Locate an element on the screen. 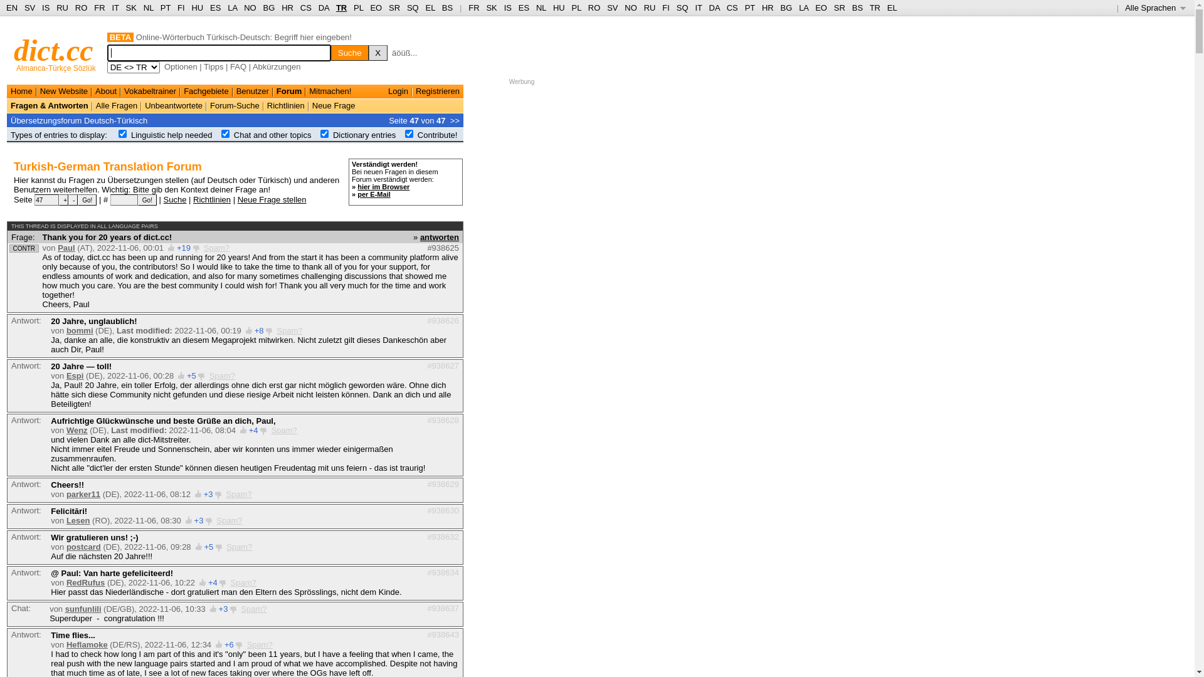 This screenshot has height=677, width=1204. 'SR' is located at coordinates (393, 8).